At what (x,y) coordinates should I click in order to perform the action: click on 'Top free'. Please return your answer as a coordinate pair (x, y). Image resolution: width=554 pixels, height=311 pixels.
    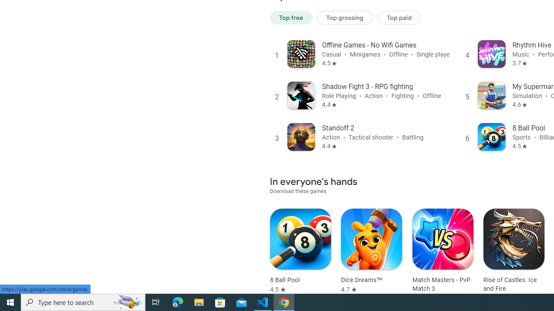
    Looking at the image, I should click on (291, 17).